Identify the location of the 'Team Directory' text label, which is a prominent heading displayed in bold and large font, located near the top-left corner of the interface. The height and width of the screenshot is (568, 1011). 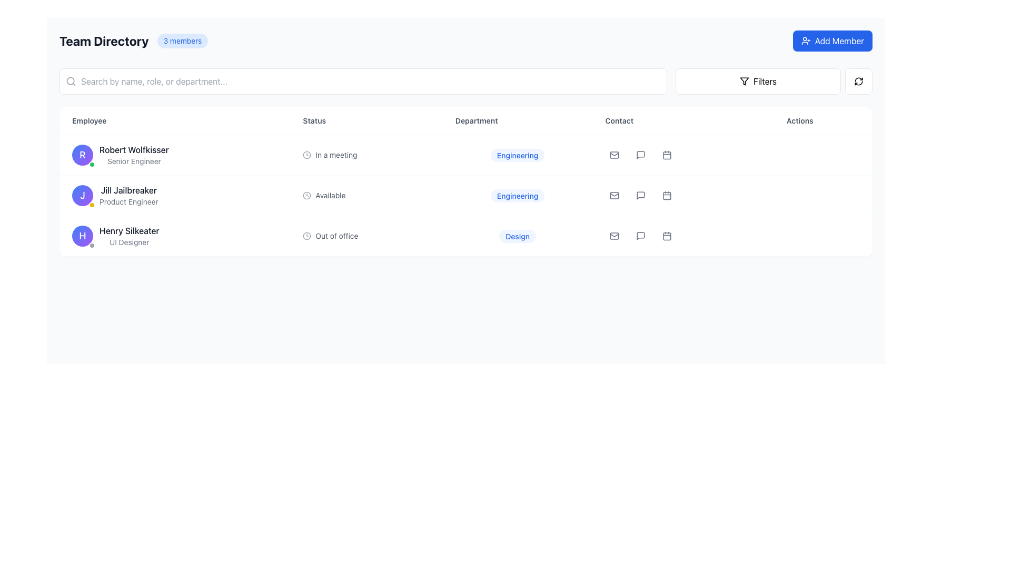
(104, 40).